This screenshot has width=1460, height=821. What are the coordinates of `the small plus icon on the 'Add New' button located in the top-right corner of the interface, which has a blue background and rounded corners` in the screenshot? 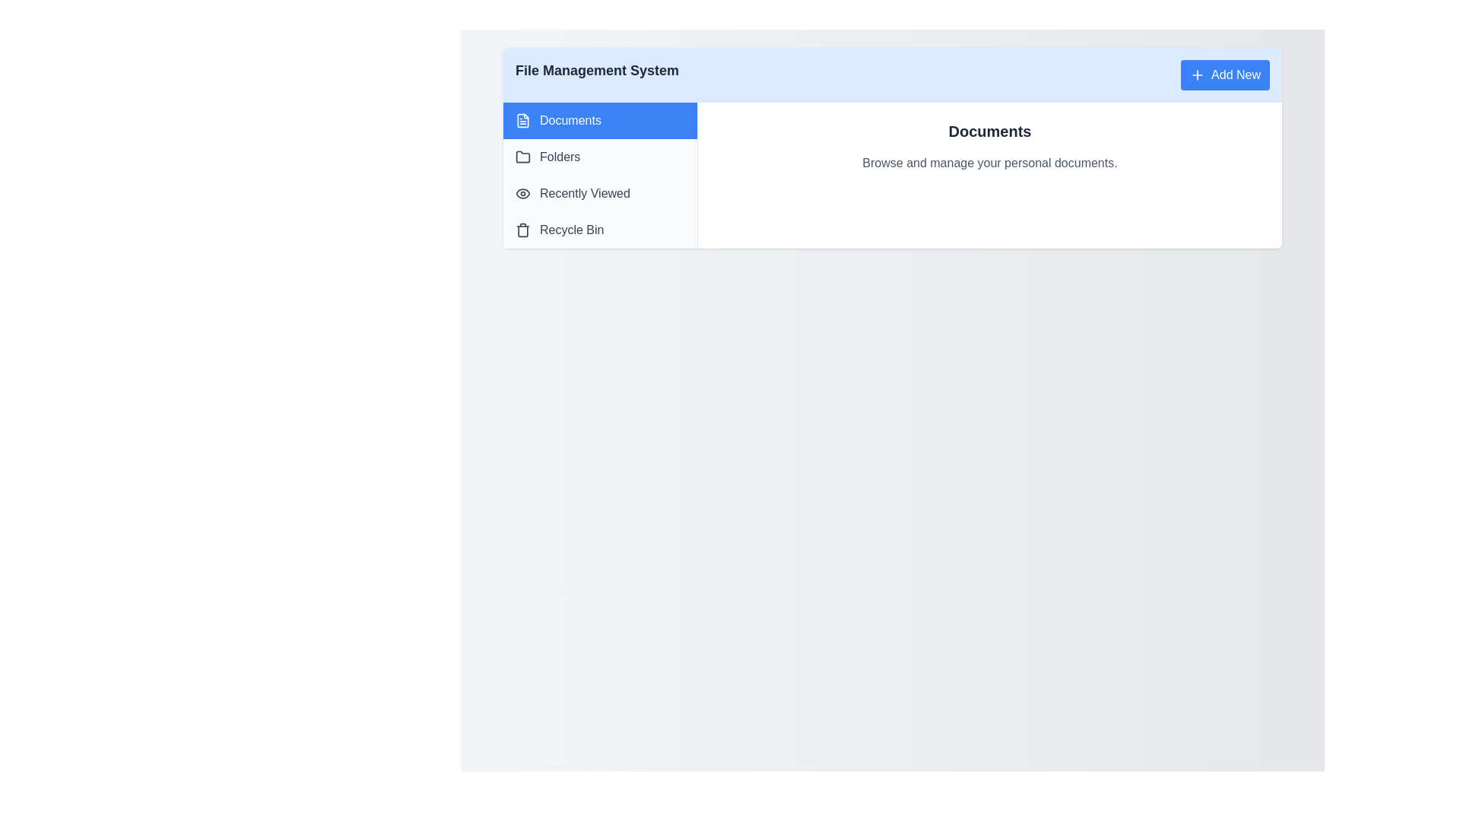 It's located at (1197, 75).